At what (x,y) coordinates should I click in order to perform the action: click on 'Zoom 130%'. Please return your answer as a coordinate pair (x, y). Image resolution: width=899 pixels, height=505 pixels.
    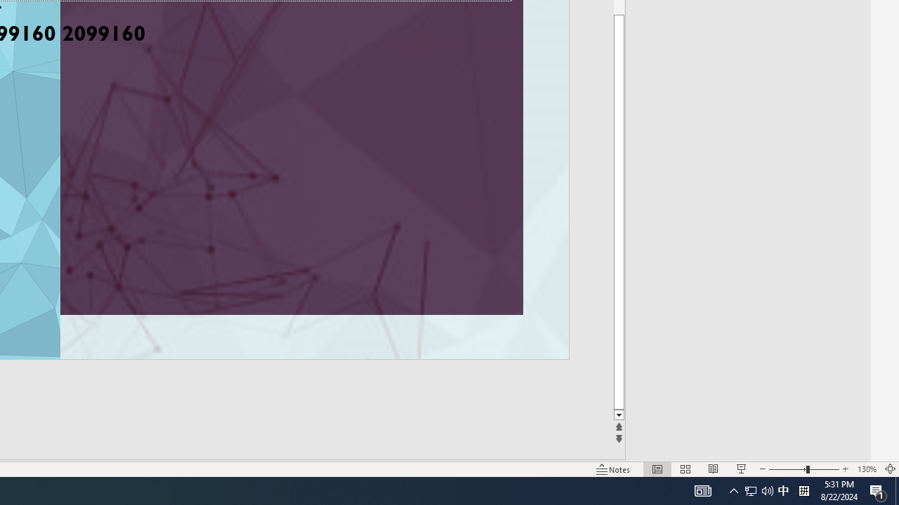
    Looking at the image, I should click on (866, 469).